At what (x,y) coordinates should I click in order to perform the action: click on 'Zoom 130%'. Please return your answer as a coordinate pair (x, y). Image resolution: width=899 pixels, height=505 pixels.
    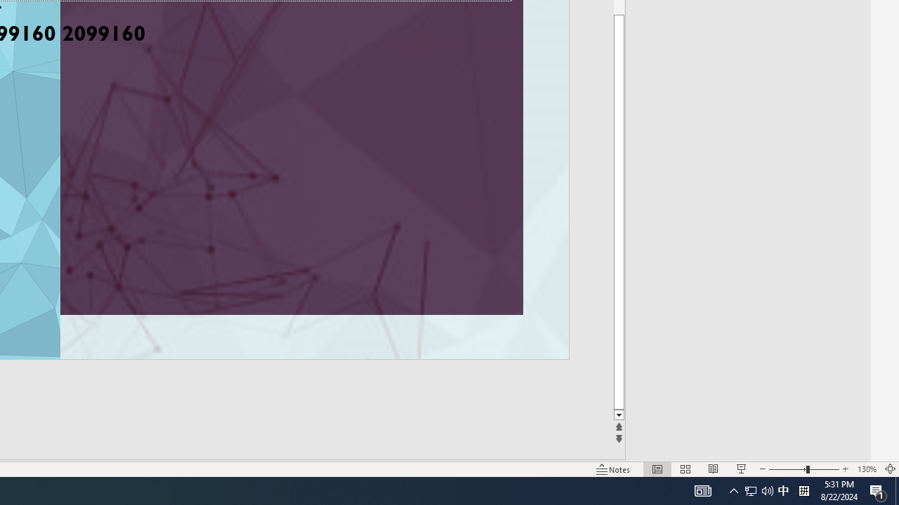
    Looking at the image, I should click on (866, 469).